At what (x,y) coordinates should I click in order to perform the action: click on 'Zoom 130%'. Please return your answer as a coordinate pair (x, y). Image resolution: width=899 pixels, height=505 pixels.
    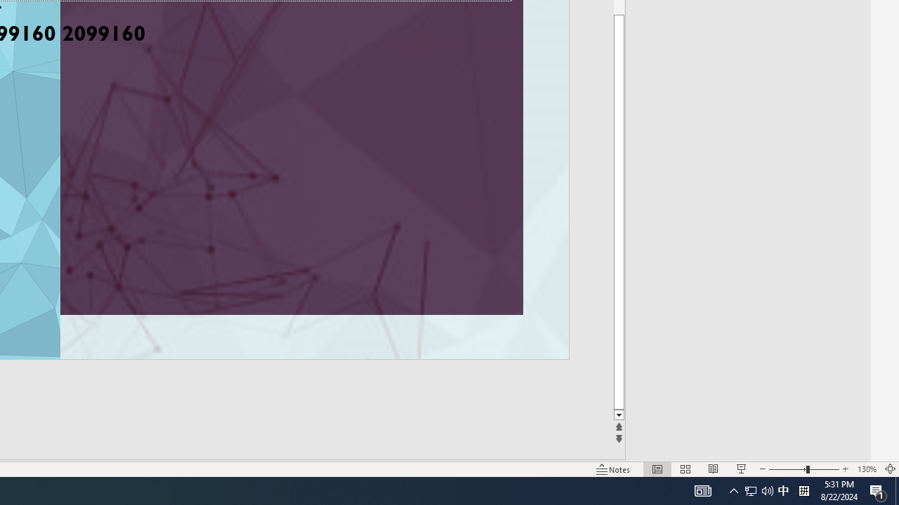
    Looking at the image, I should click on (866, 469).